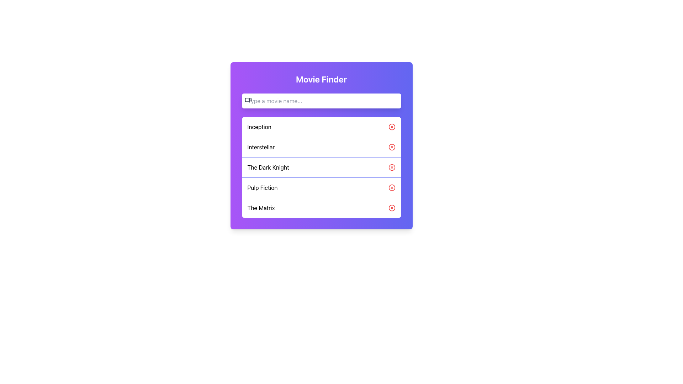 This screenshot has width=683, height=384. What do you see at coordinates (391, 127) in the screenshot?
I see `the red circular icon with an 'X' inside, located to the right of the 'Inception' list item` at bounding box center [391, 127].